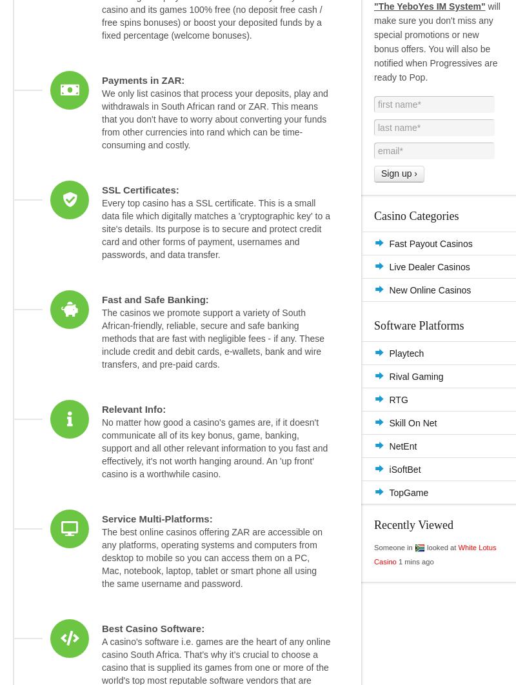 This screenshot has height=685, width=516. What do you see at coordinates (152, 628) in the screenshot?
I see `'Best Casino Software:'` at bounding box center [152, 628].